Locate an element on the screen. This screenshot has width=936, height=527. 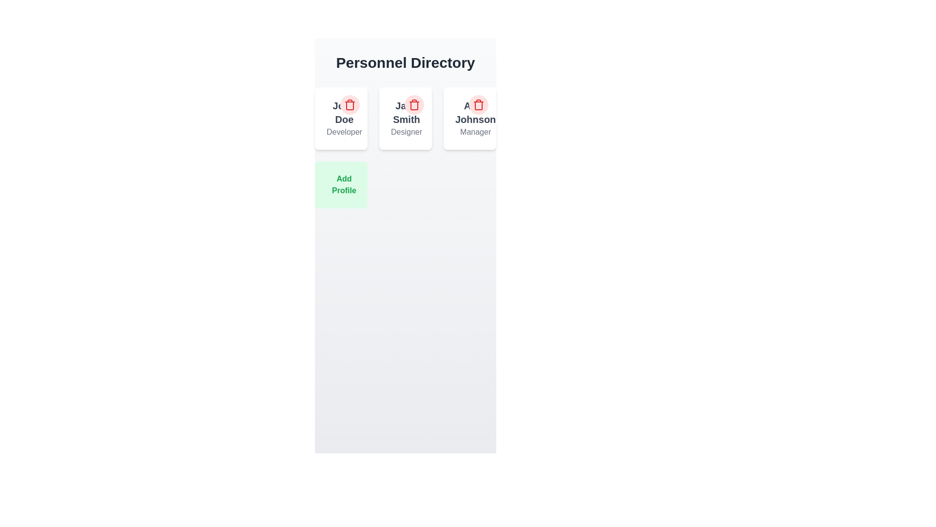
the Profile card UI component containing 'John Doe' is located at coordinates (341, 118).